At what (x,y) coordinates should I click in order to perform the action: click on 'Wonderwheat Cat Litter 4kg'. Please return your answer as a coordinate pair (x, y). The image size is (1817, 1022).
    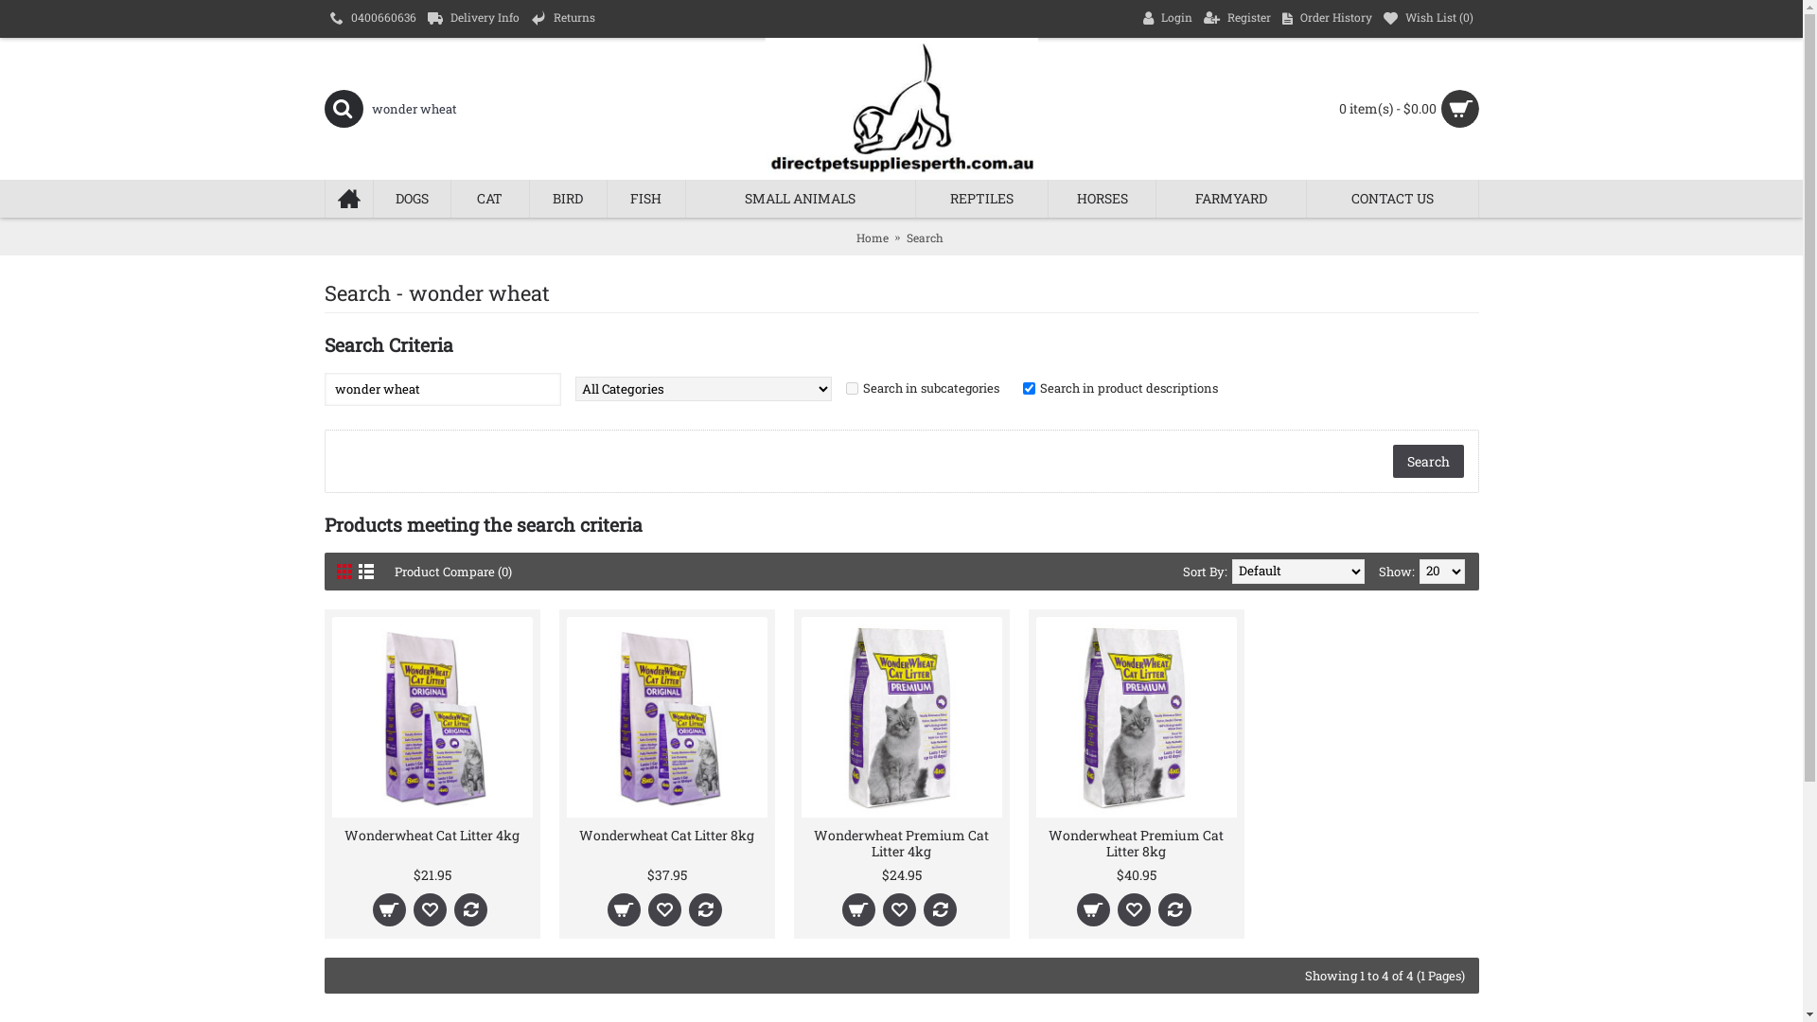
    Looking at the image, I should click on (331, 832).